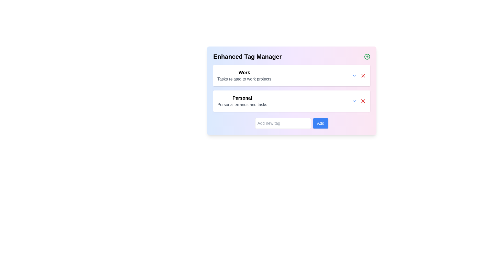 This screenshot has height=276, width=491. I want to click on the text label that identifies the section as related to 'Work', which is positioned above the descriptive text 'Tasks related to work projects', so click(244, 73).